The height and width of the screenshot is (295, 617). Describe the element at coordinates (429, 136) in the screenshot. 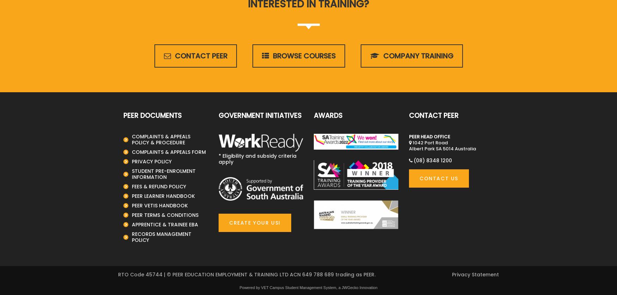

I see `'PEER HEAD OFFICE'` at that location.